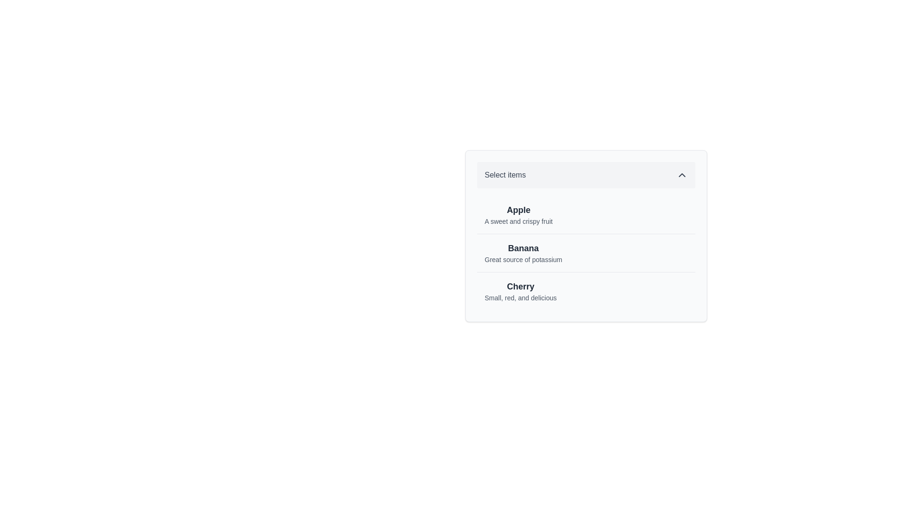 Image resolution: width=907 pixels, height=510 pixels. What do you see at coordinates (682, 175) in the screenshot?
I see `the chevron-up icon located in the top-right corner of the 'Select items' button` at bounding box center [682, 175].